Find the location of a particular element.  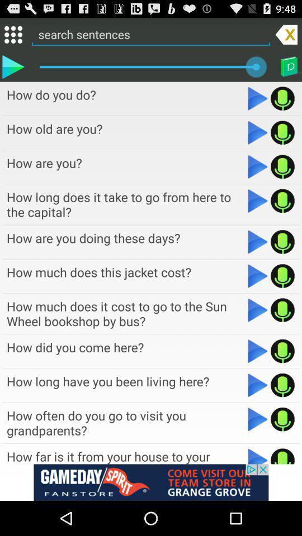

record sound is located at coordinates (282, 419).